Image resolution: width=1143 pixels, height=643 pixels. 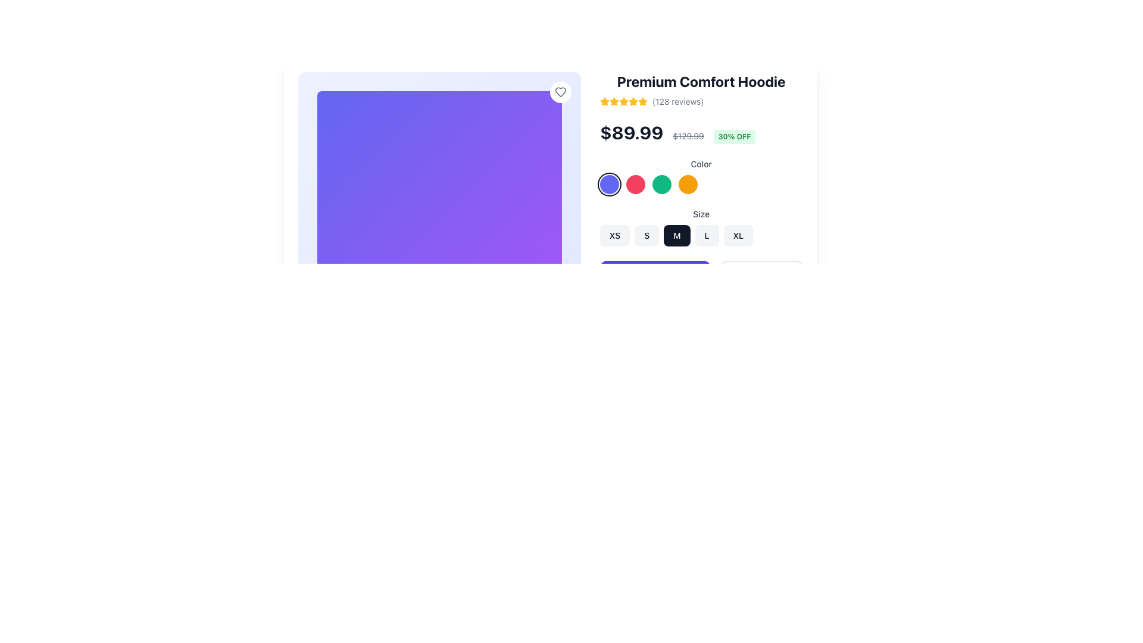 I want to click on the button labeled 'L' with a light gray background and rounded corners, so click(x=701, y=236).